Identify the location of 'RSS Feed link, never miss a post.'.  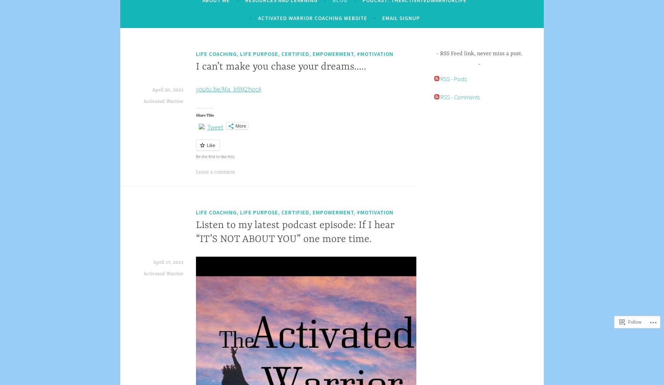
(480, 53).